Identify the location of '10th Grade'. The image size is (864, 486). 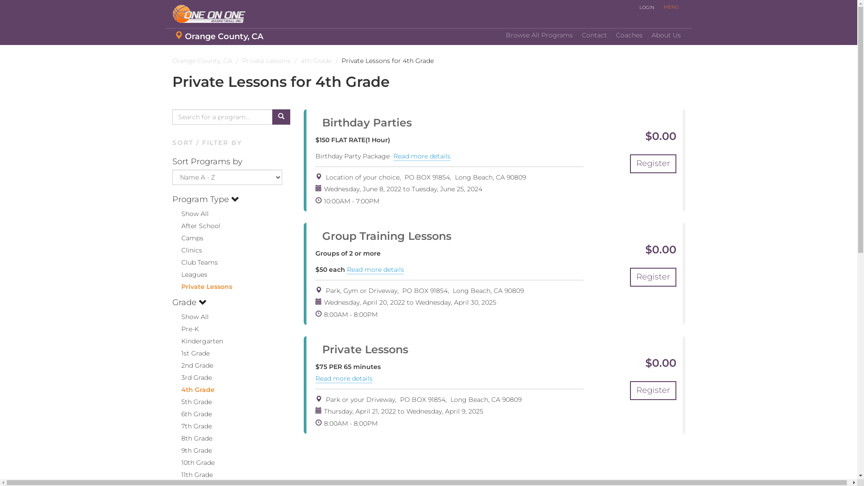
(192, 463).